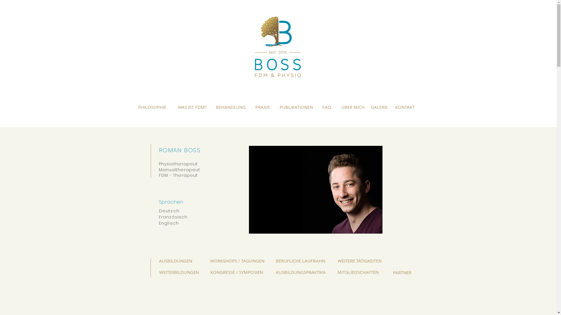 The image size is (561, 315). I want to click on 'PARTNER', so click(402, 272).